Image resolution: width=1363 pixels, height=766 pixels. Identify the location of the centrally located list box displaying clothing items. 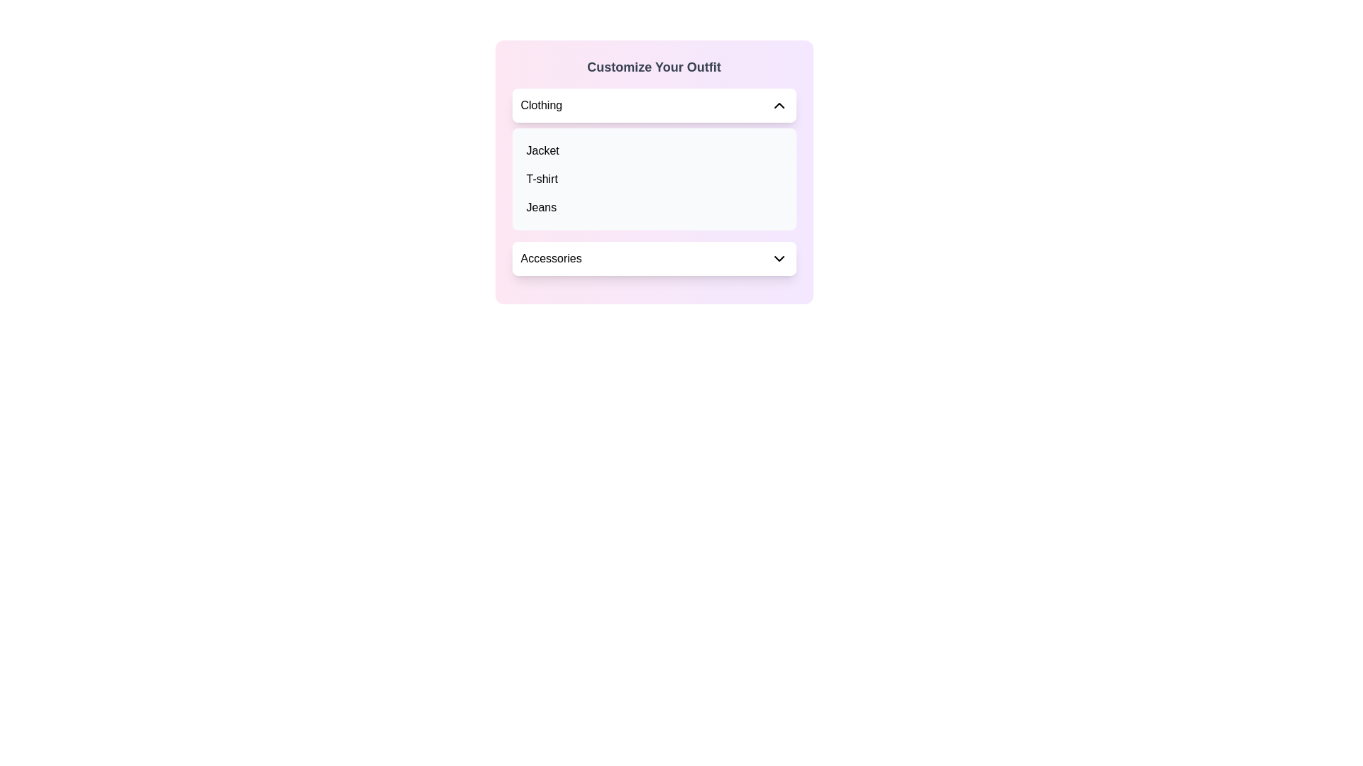
(653, 179).